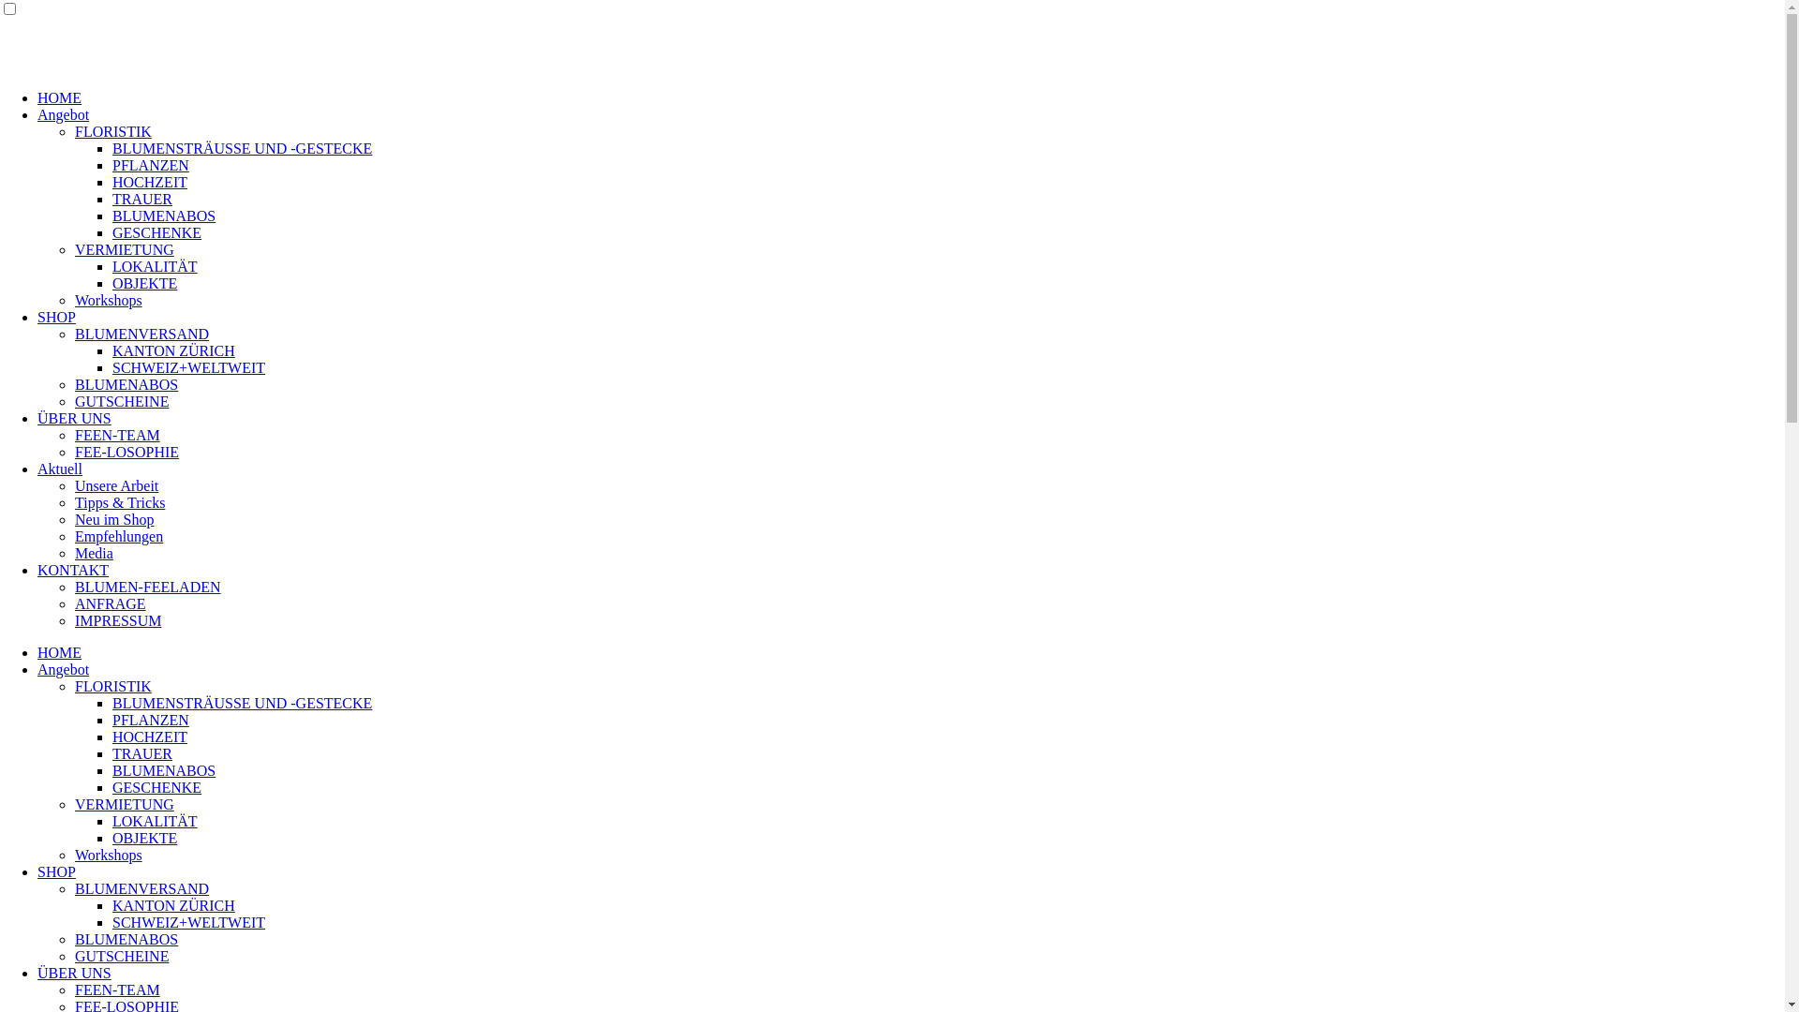 This screenshot has width=1799, height=1012. Describe the element at coordinates (110, 603) in the screenshot. I see `'ANFRAGE'` at that location.